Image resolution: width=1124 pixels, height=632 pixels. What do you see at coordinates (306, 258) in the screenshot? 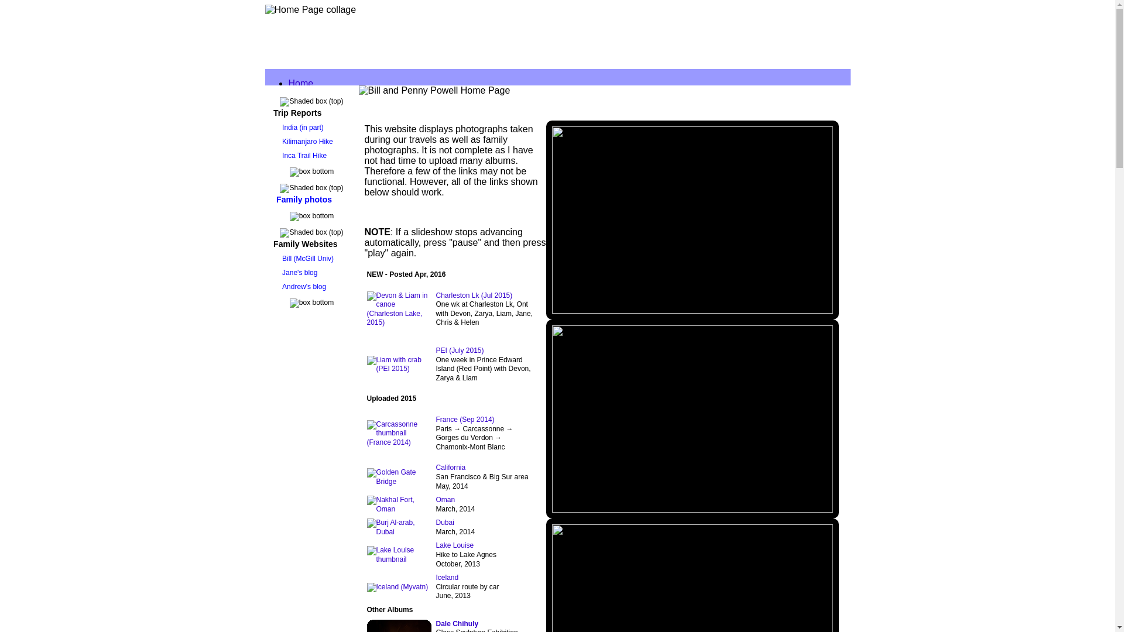
I see `'Bill (McGill Univ)'` at bounding box center [306, 258].